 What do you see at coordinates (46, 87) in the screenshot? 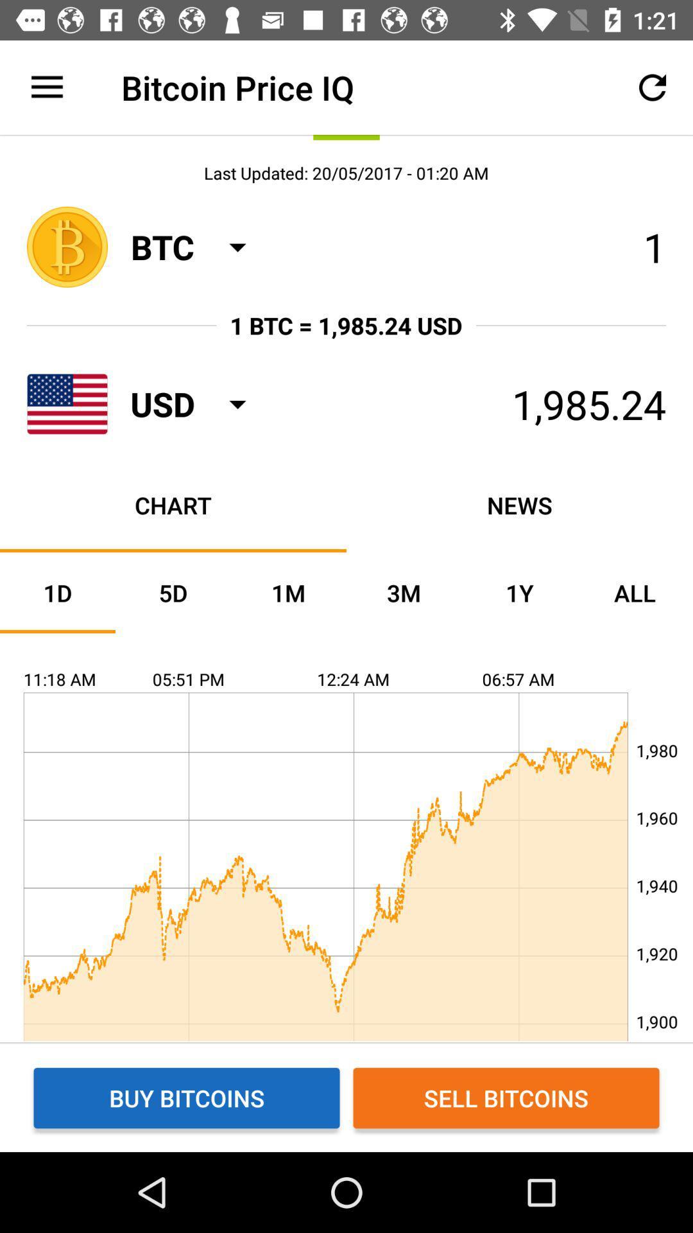
I see `the item to the left of the bitcoin price iq` at bounding box center [46, 87].